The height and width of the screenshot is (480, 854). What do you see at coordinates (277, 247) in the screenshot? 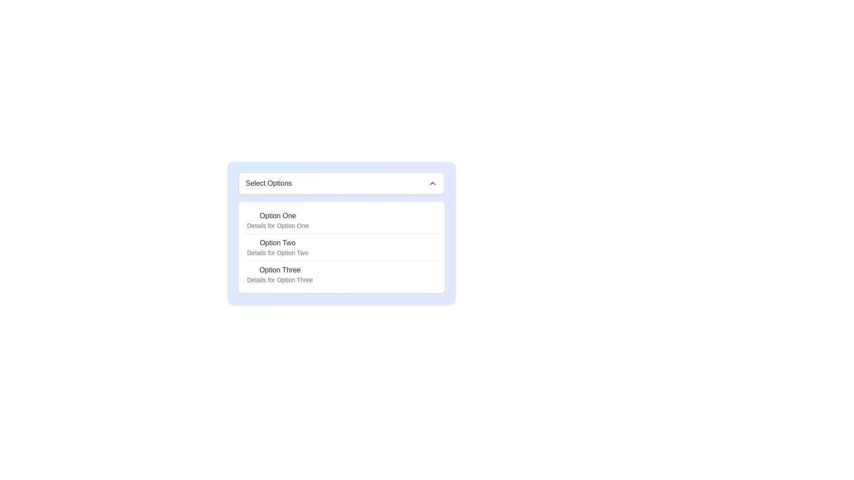
I see `the dropdown menu item labeled 'Option Two', which is the second entry in the dropdown list positioned between 'Option One' and 'Option Three'` at bounding box center [277, 247].